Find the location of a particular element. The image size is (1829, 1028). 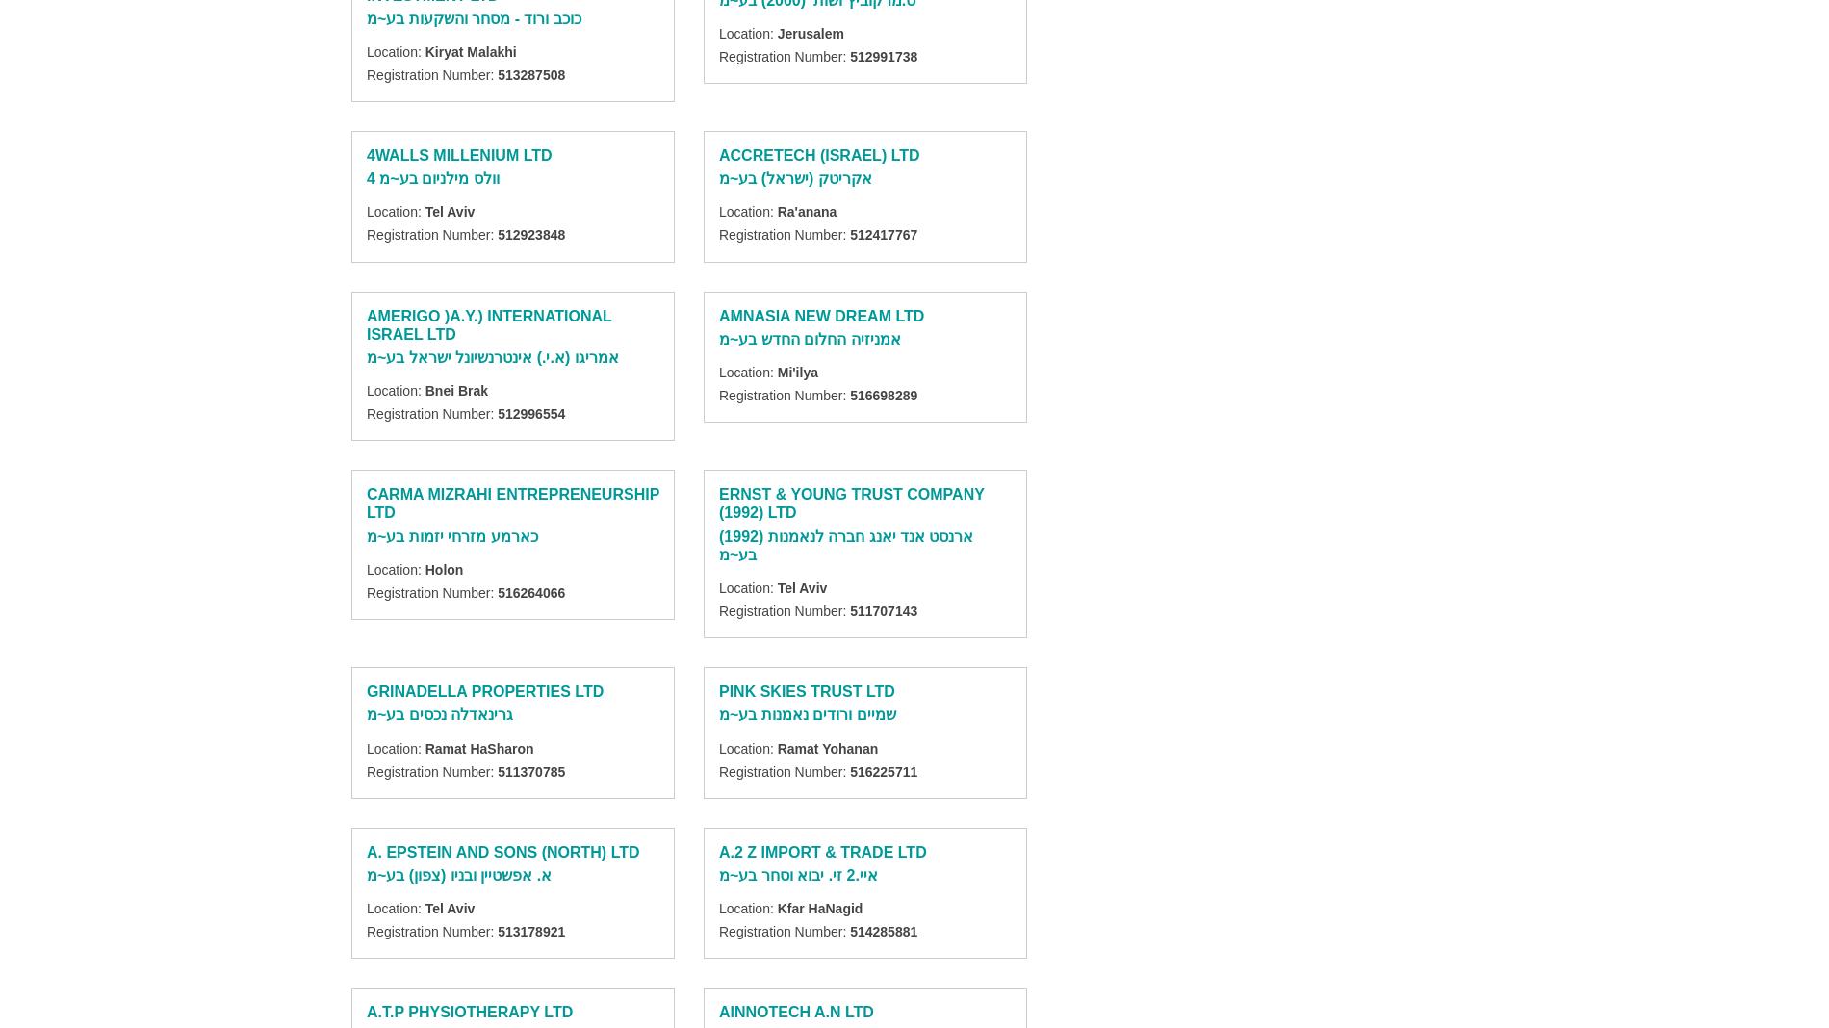

'א. אפשטיין ובניו (צפון) בע~מ' is located at coordinates (459, 873).